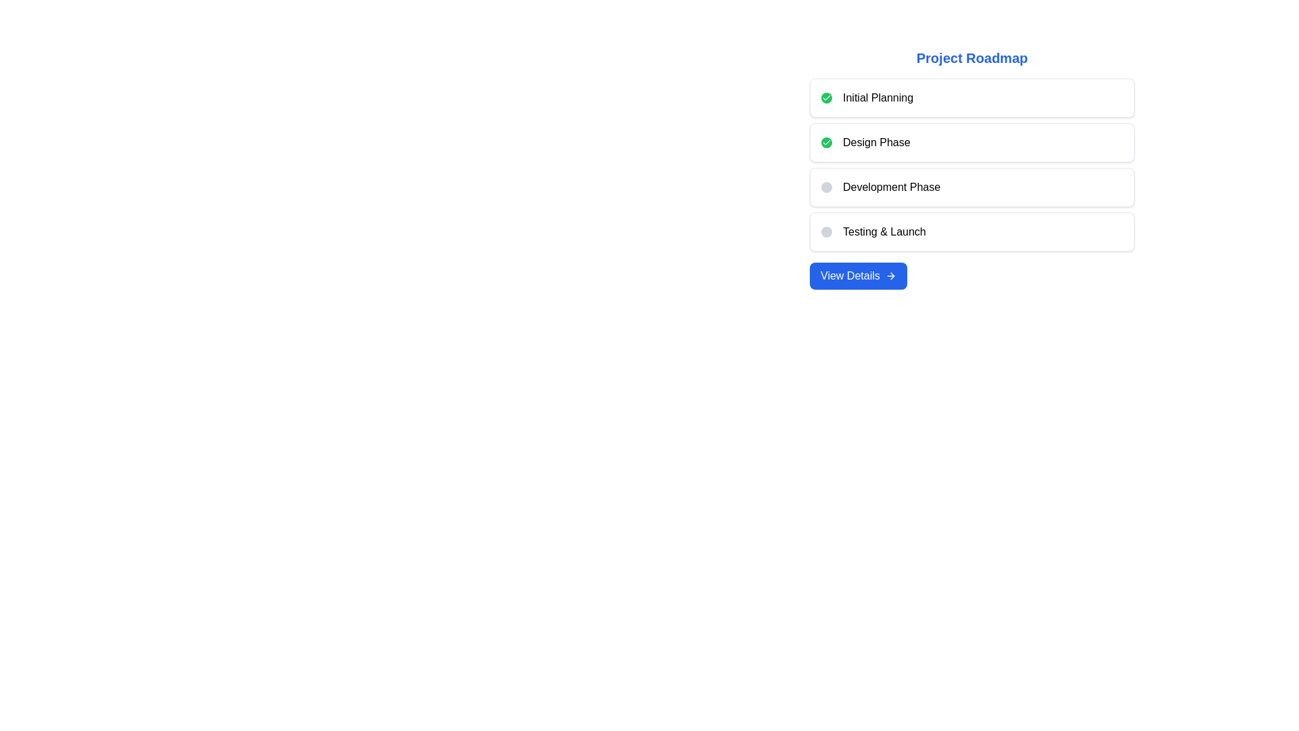 The image size is (1299, 731). I want to click on the right-pointing arrow icon next to the 'View Details' button, so click(890, 275).